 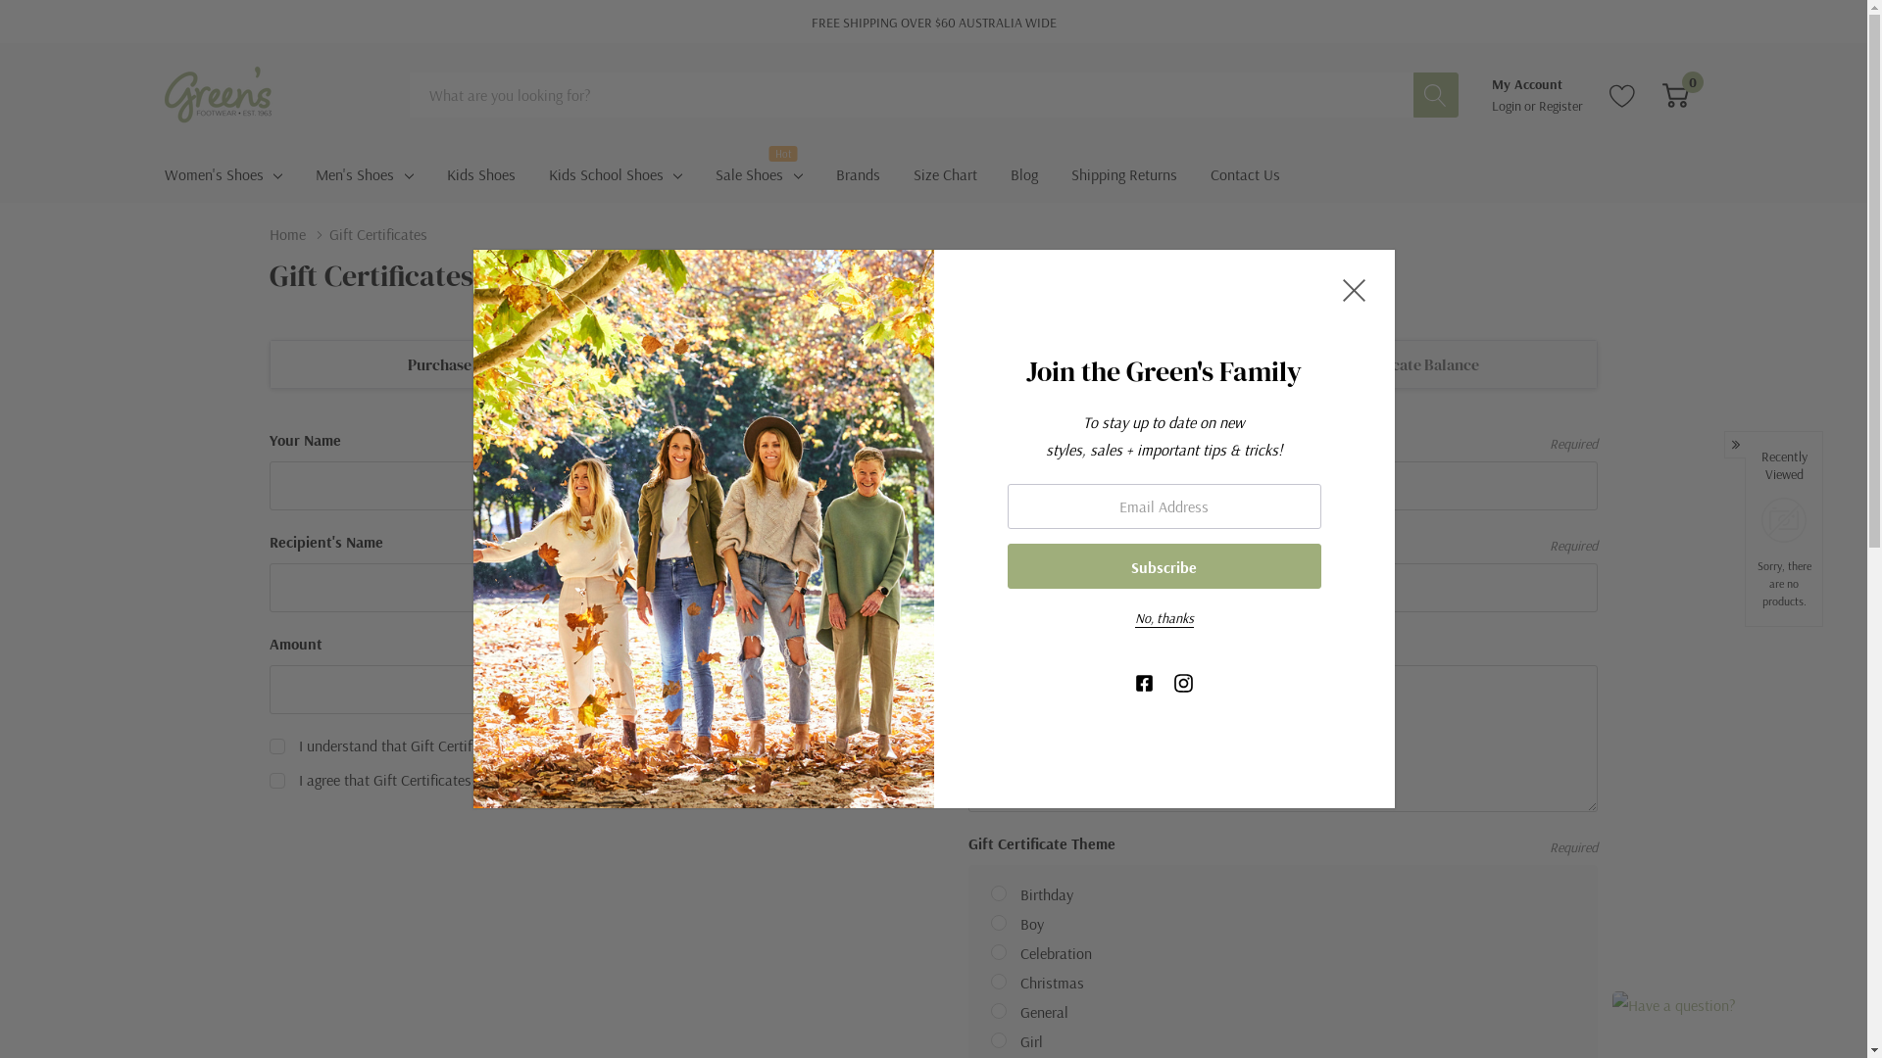 What do you see at coordinates (748, 172) in the screenshot?
I see `'Sale Shoes` at bounding box center [748, 172].